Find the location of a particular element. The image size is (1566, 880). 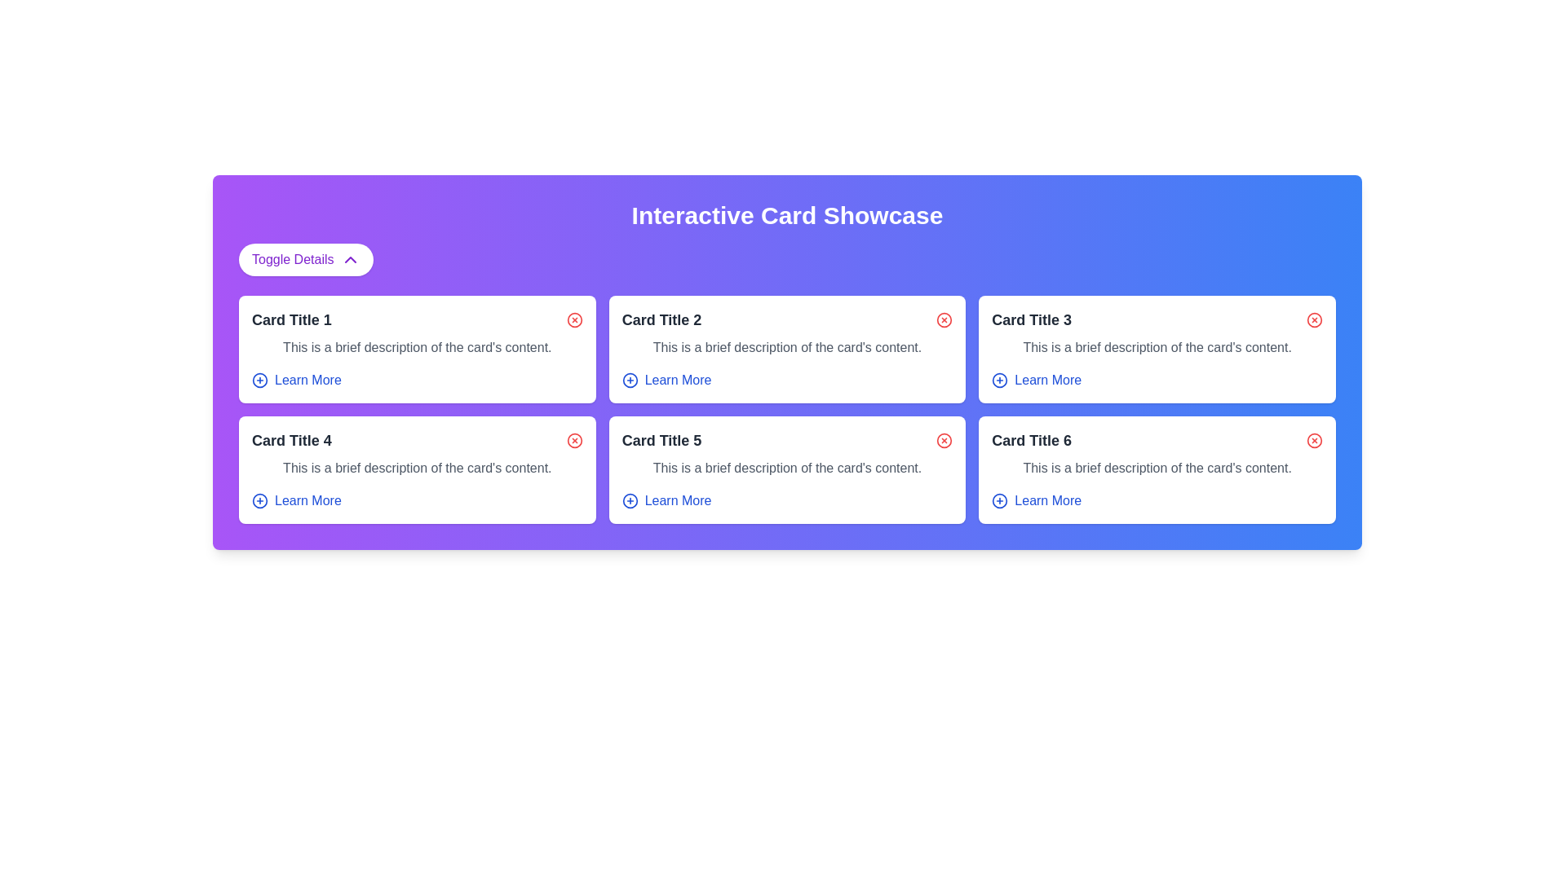

the hyperlink located at the bottom-right corner of the card labeled 'Card Title 6' is located at coordinates (1036, 499).